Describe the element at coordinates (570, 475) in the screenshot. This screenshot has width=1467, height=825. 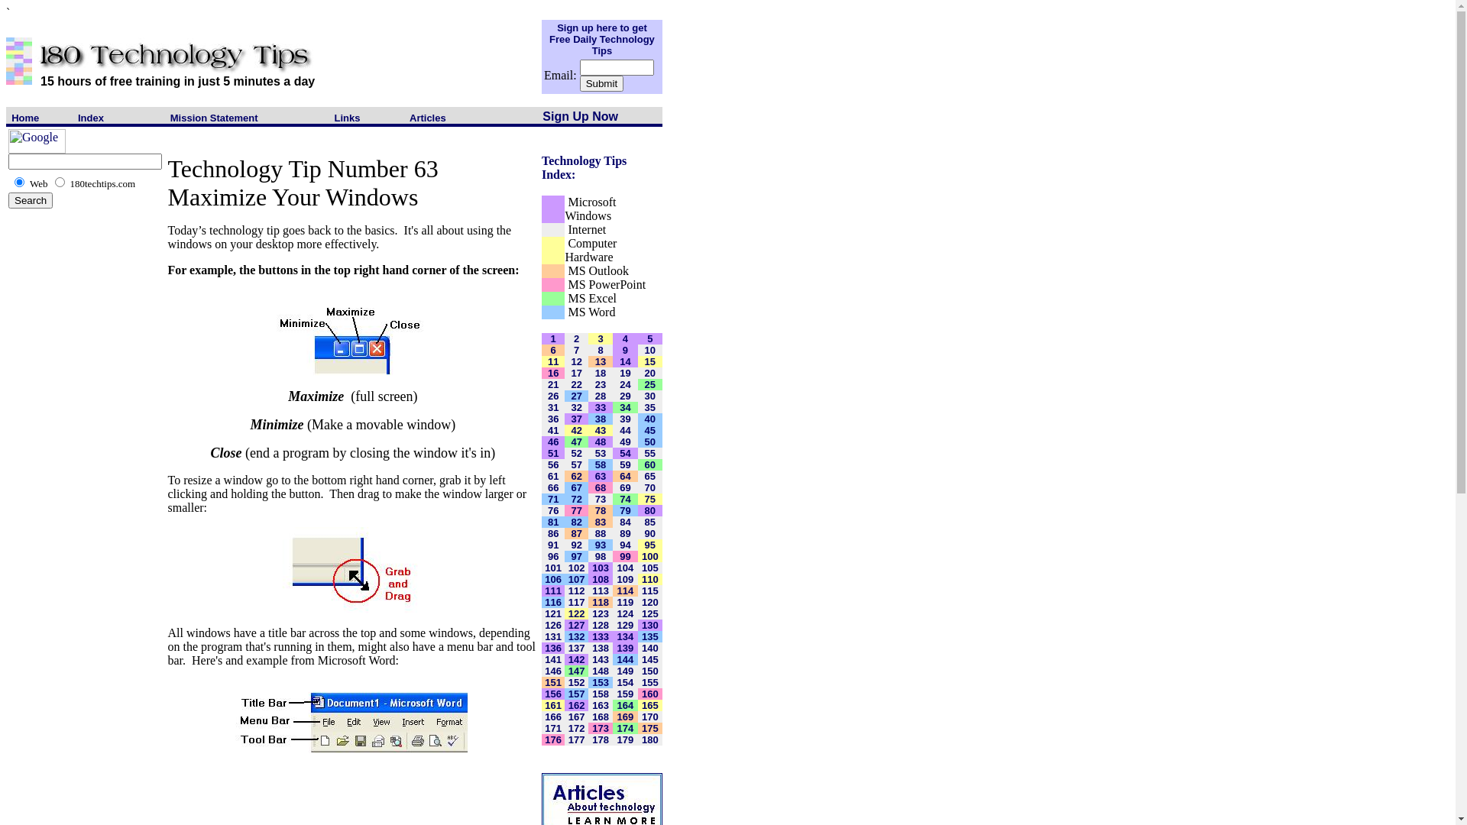
I see `'62'` at that location.